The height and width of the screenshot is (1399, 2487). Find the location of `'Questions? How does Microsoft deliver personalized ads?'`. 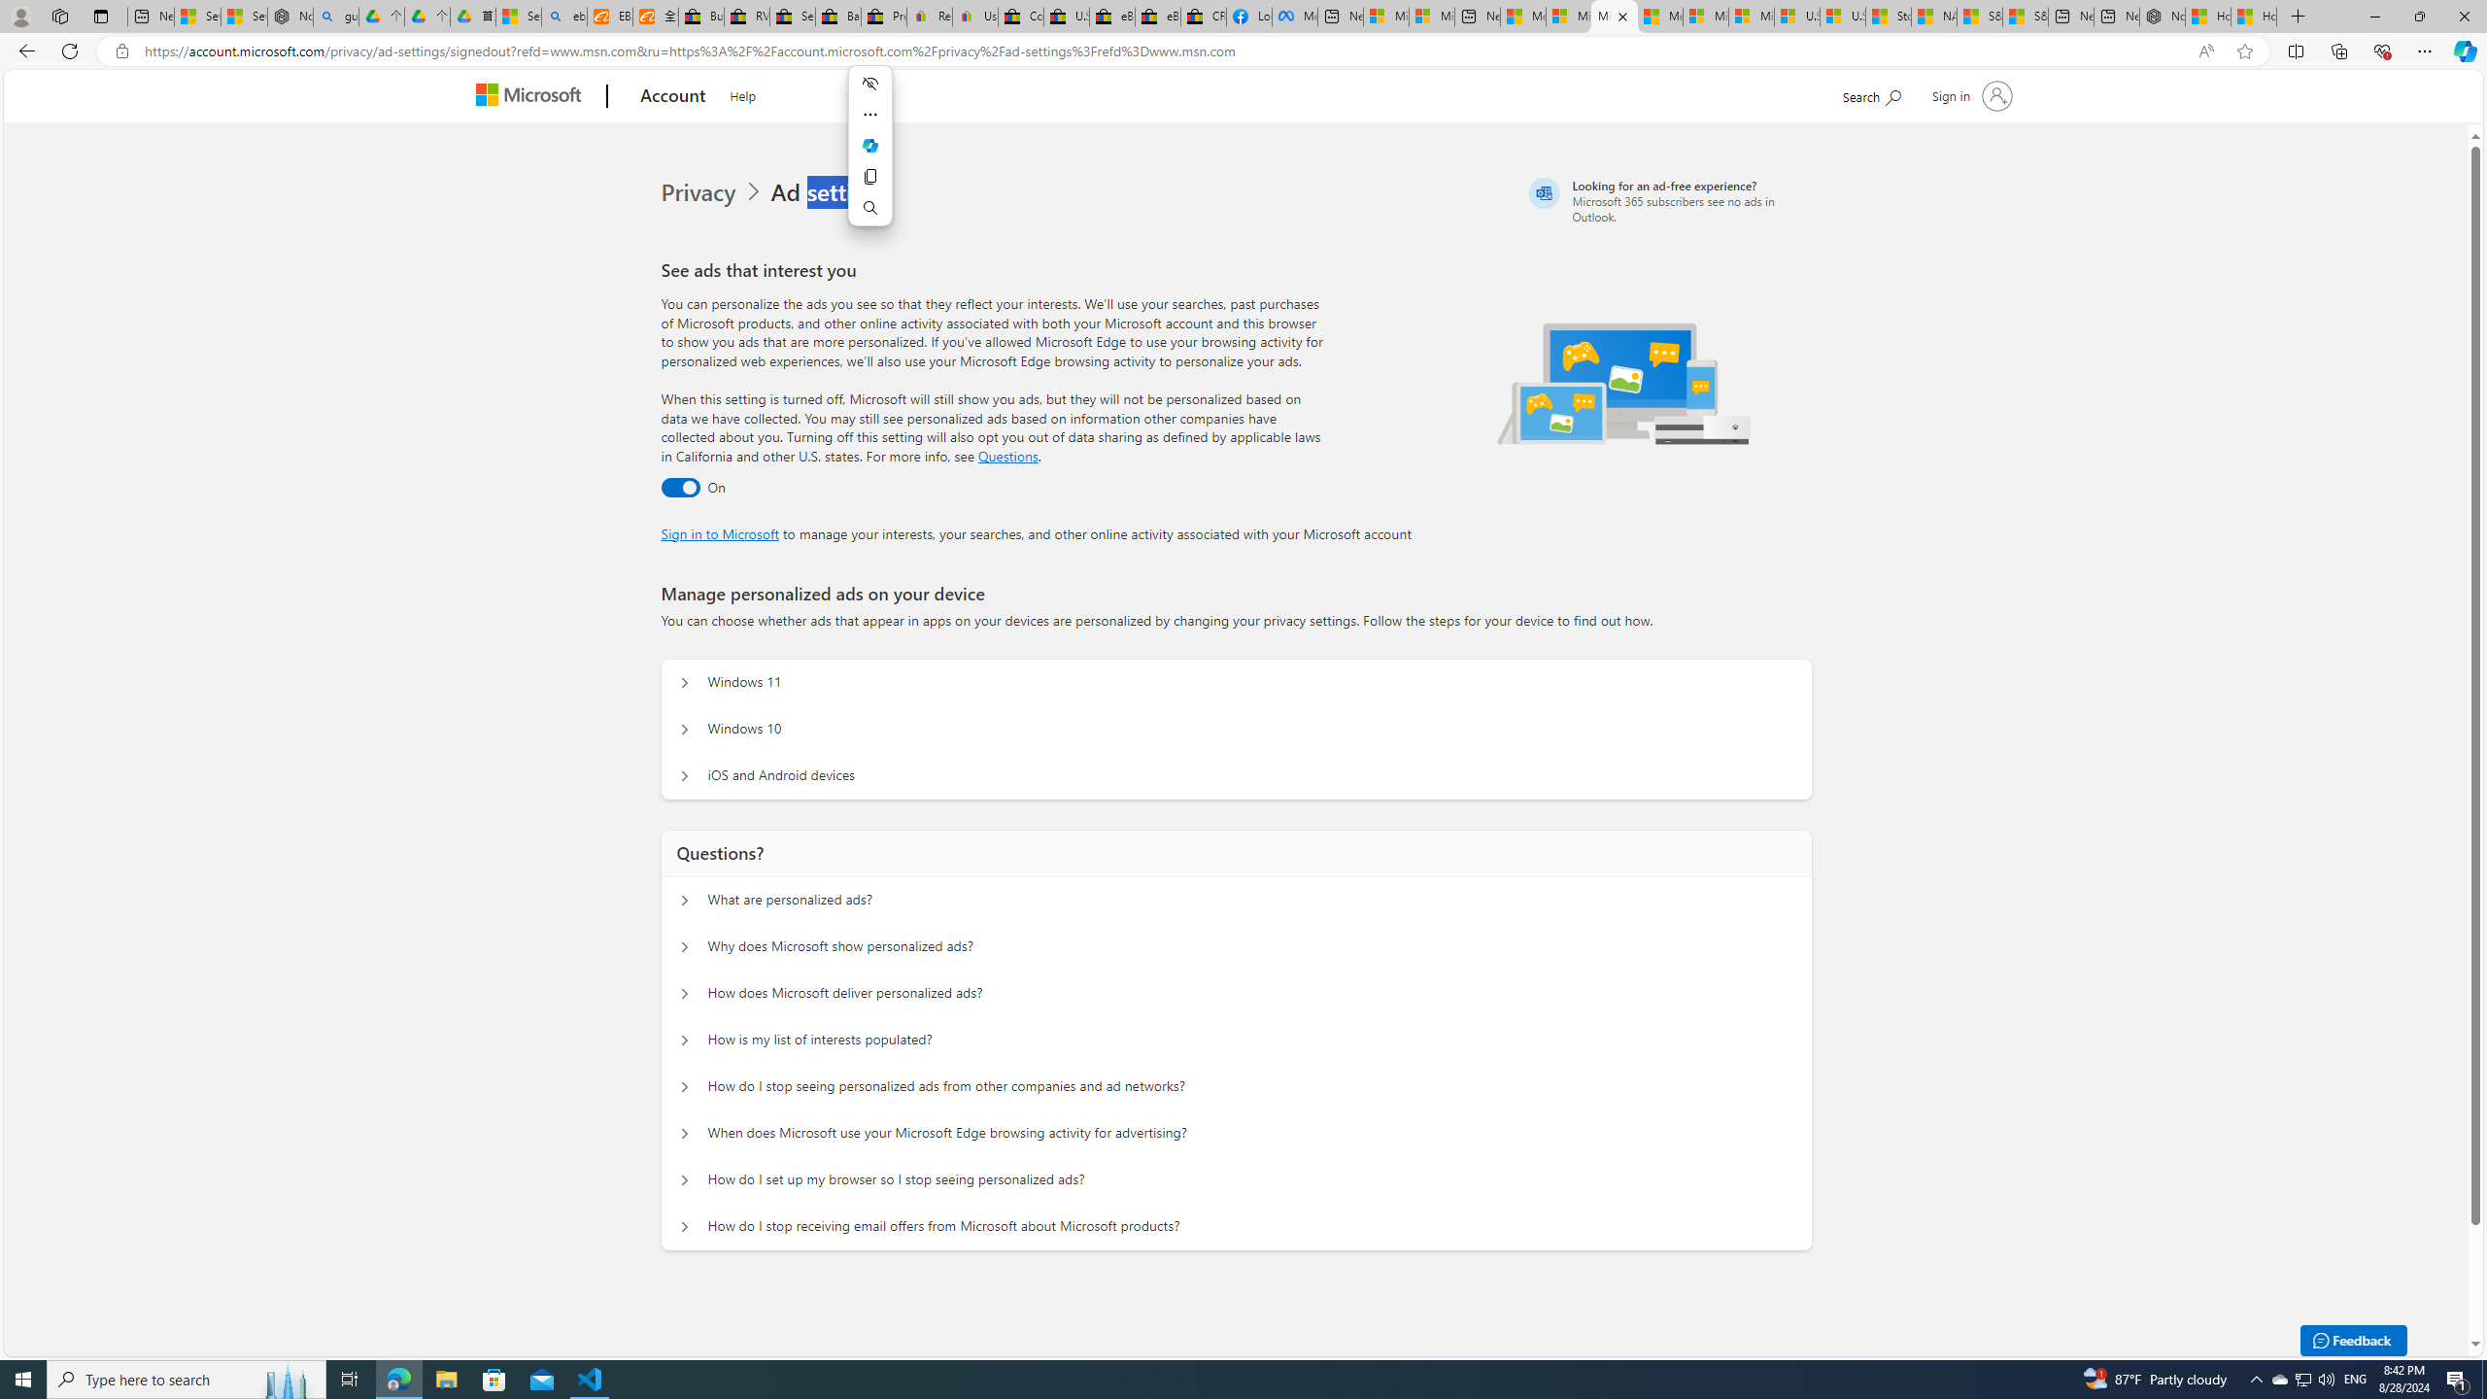

'Questions? How does Microsoft deliver personalized ads?' is located at coordinates (685, 993).